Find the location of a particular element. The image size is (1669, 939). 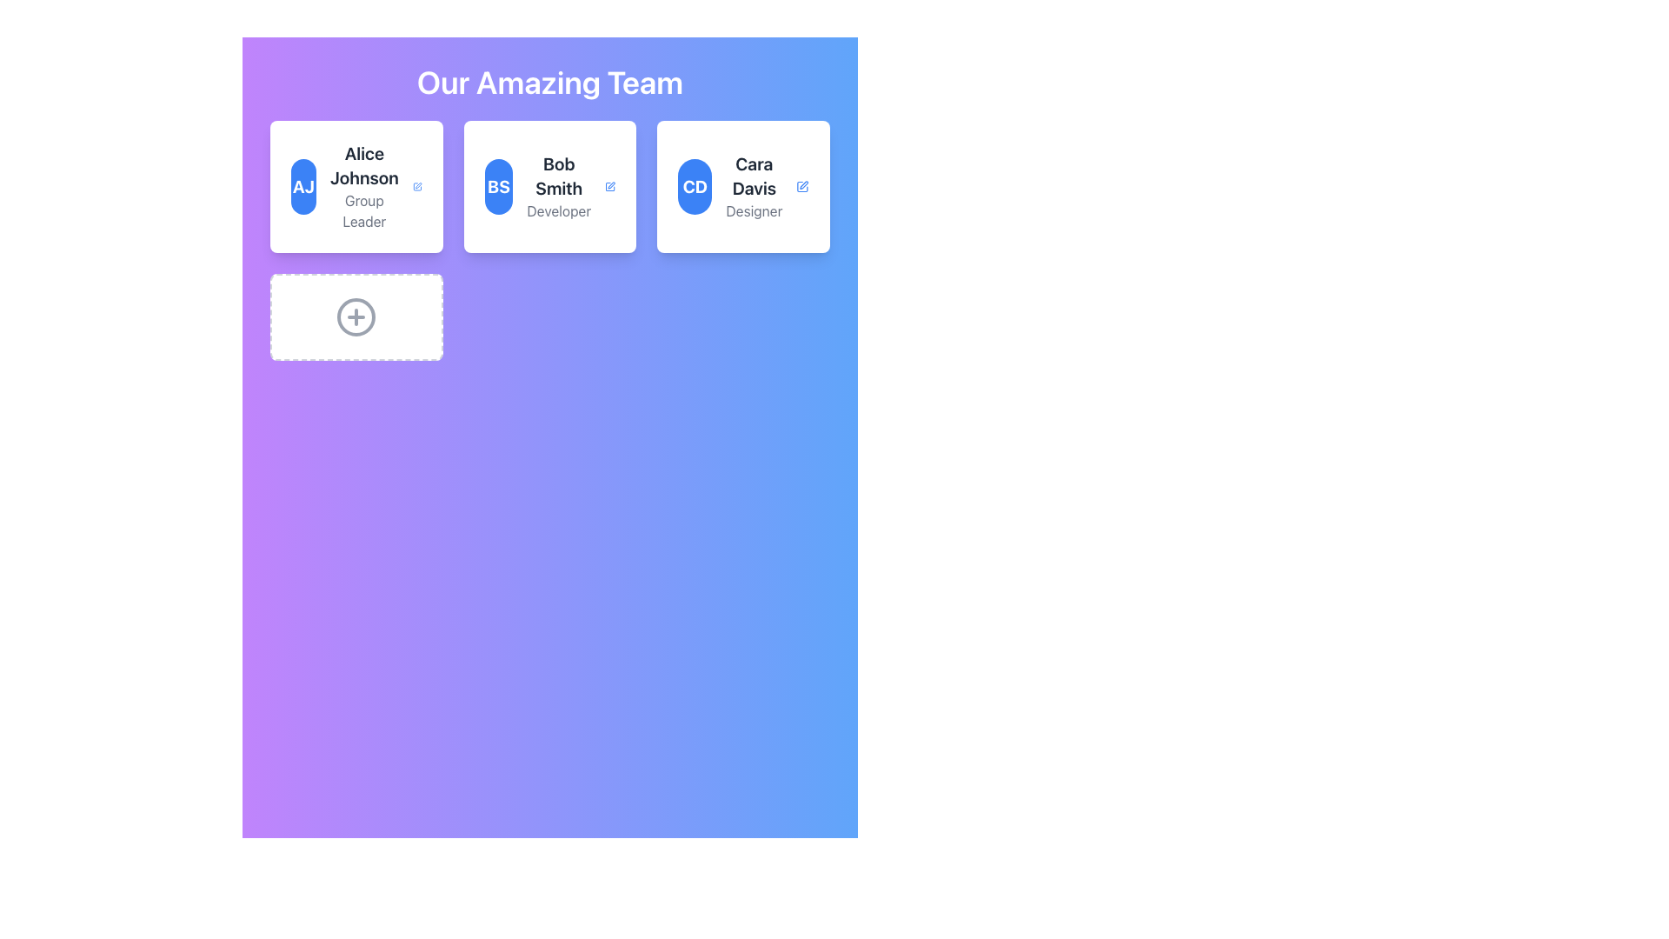

the text label displaying 'Bob Smith', which is styled with a bold font and dark gray color, positioned in the middle column above the smaller text label 'Developer' is located at coordinates (559, 176).